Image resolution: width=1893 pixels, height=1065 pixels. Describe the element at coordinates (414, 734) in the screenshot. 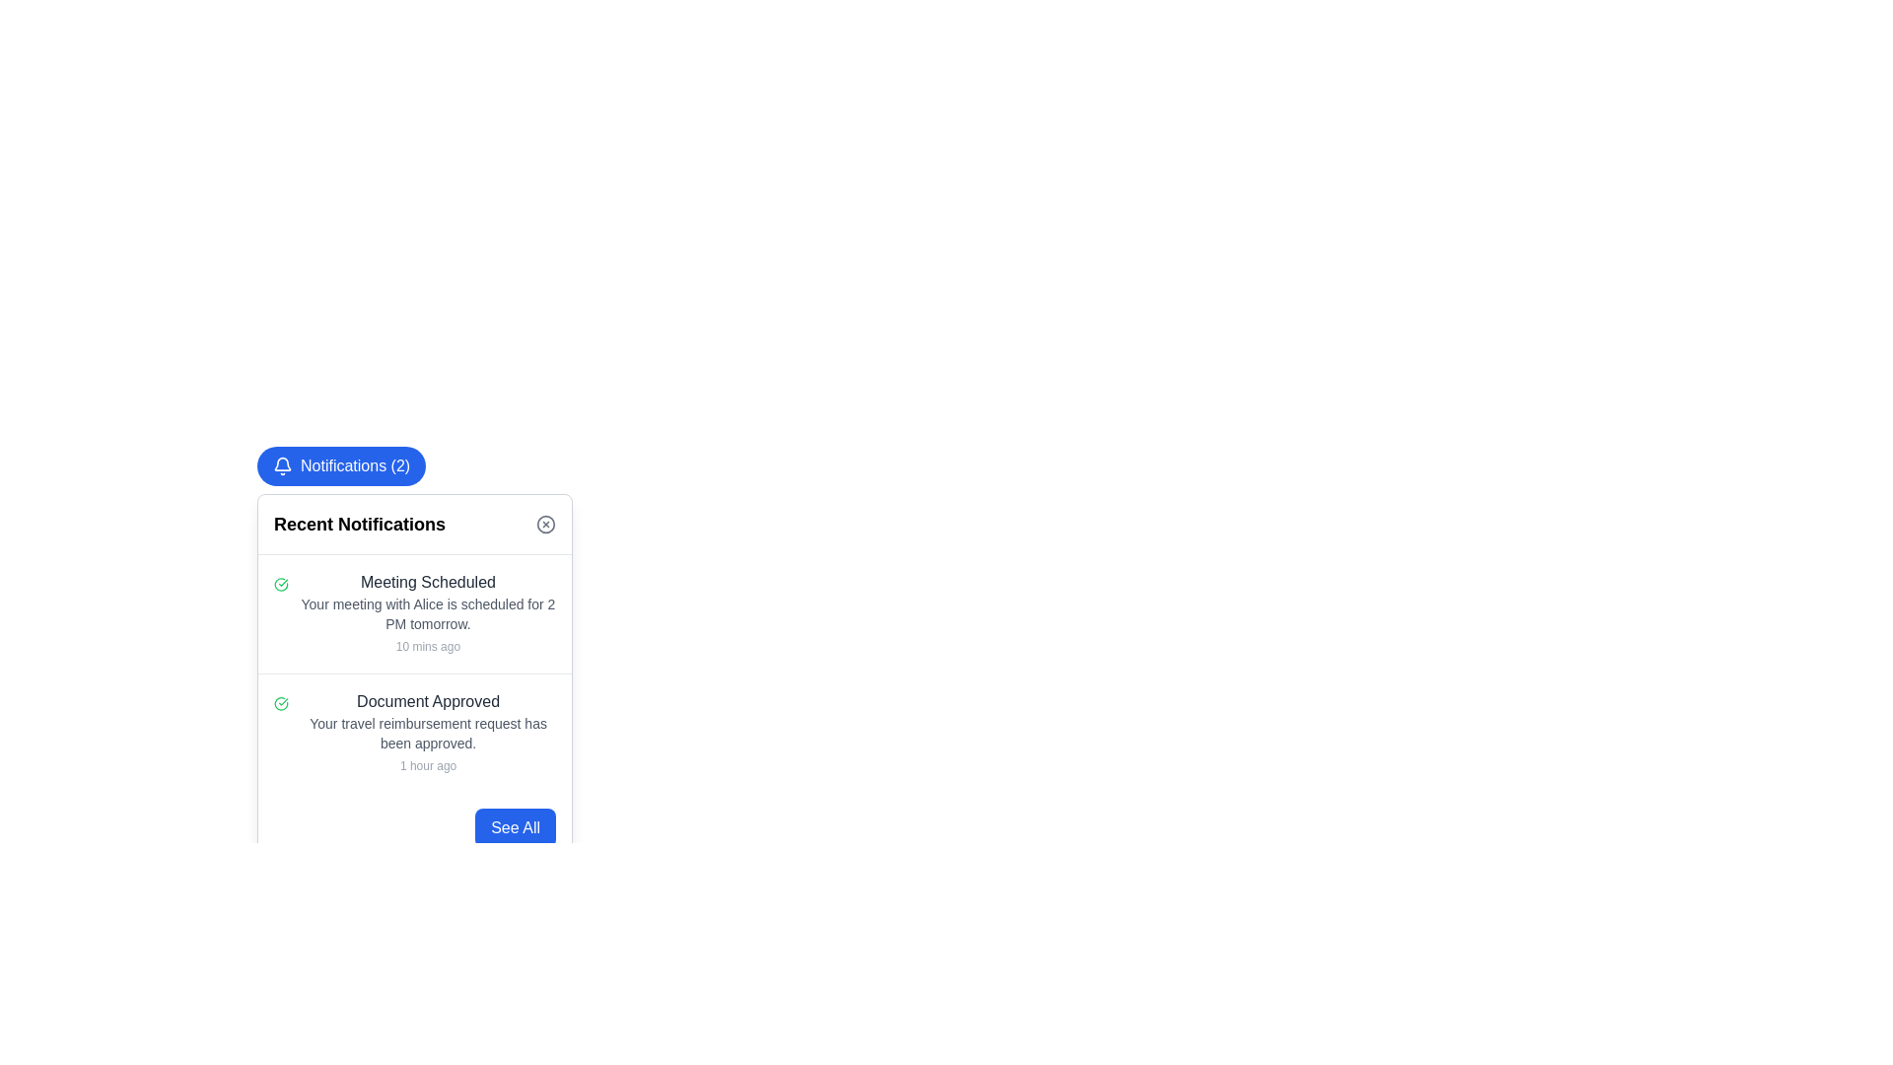

I see `the second notification card in the 'Recent Notifications' section, which displays 'Document Approved' with a green checkmark icon` at that location.